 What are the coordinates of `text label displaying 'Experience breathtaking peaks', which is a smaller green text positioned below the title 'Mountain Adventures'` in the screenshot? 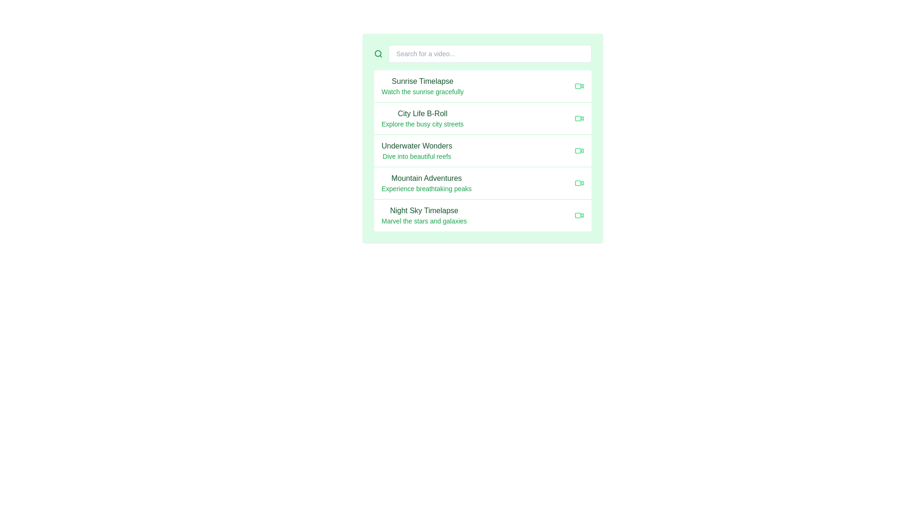 It's located at (426, 188).